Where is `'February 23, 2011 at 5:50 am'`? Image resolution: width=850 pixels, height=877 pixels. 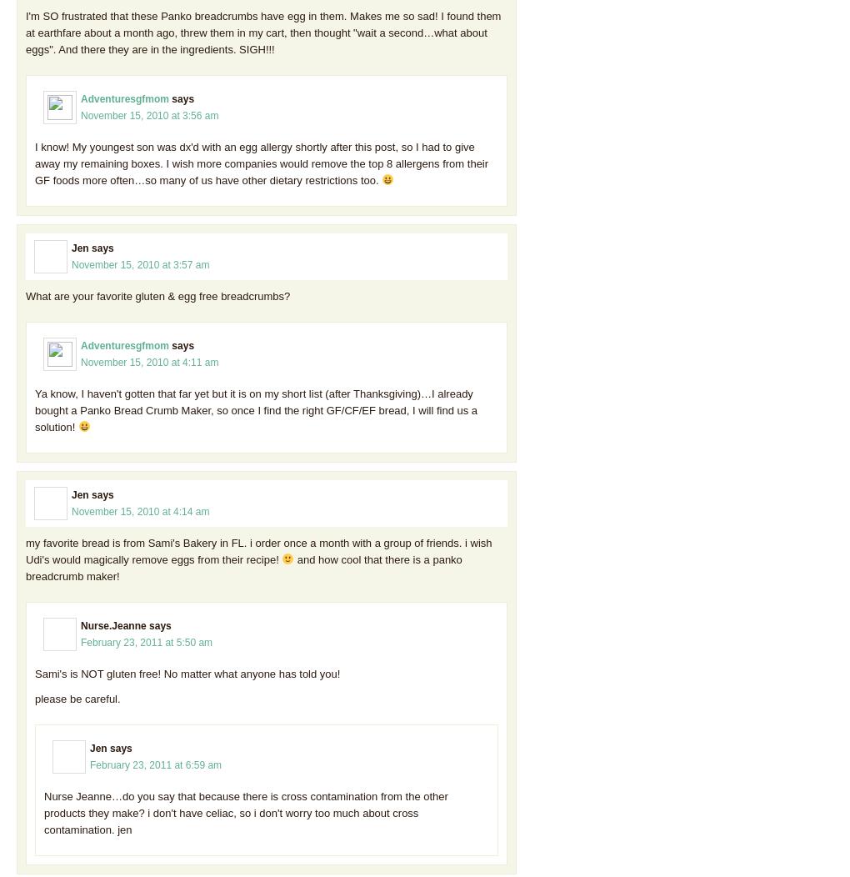
'February 23, 2011 at 5:50 am' is located at coordinates (145, 640).